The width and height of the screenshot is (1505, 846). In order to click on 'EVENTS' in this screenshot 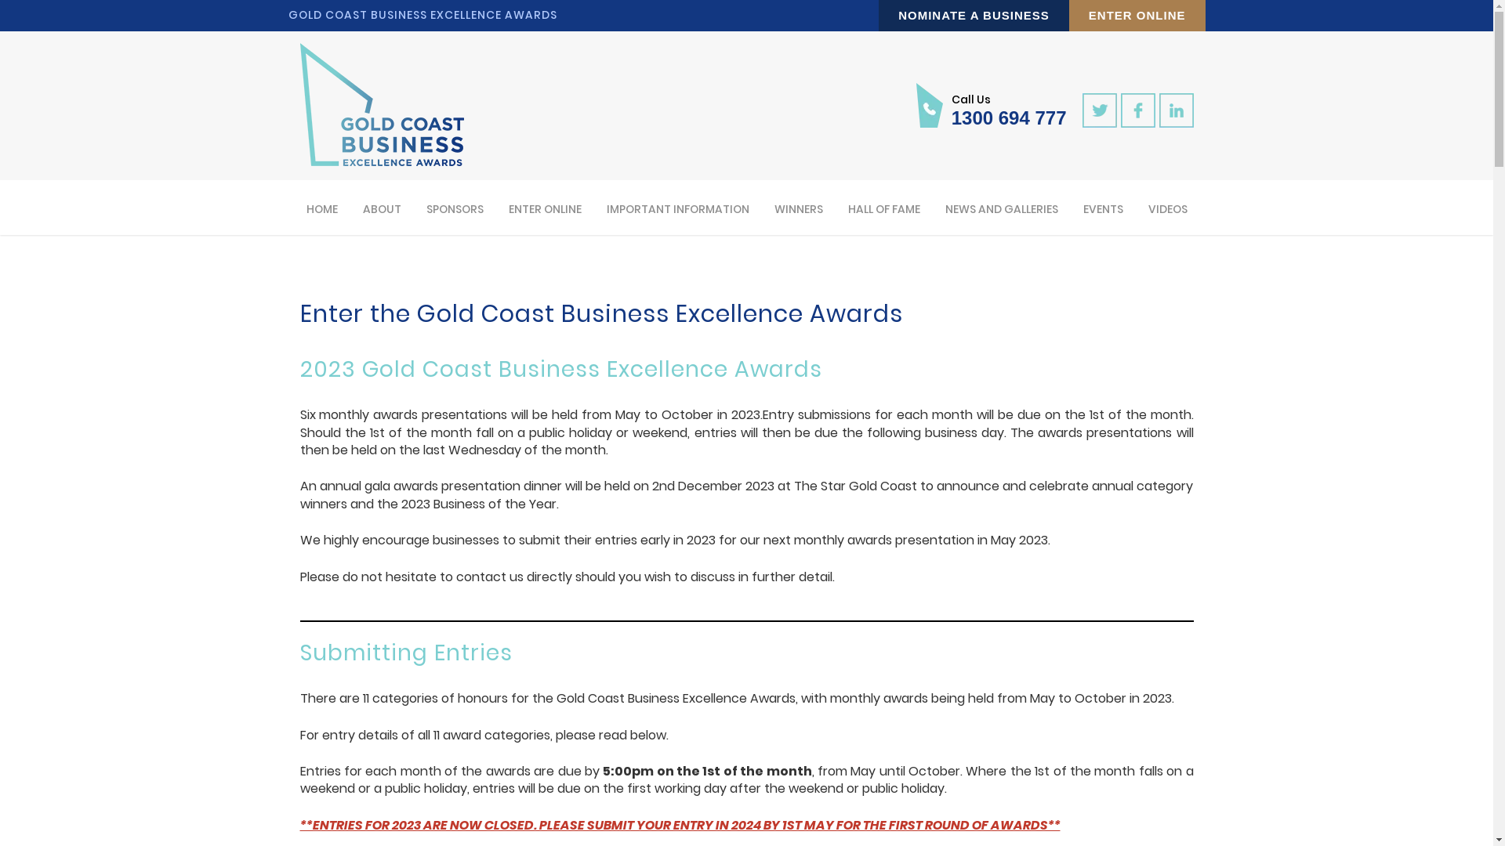, I will do `click(1081, 207)`.